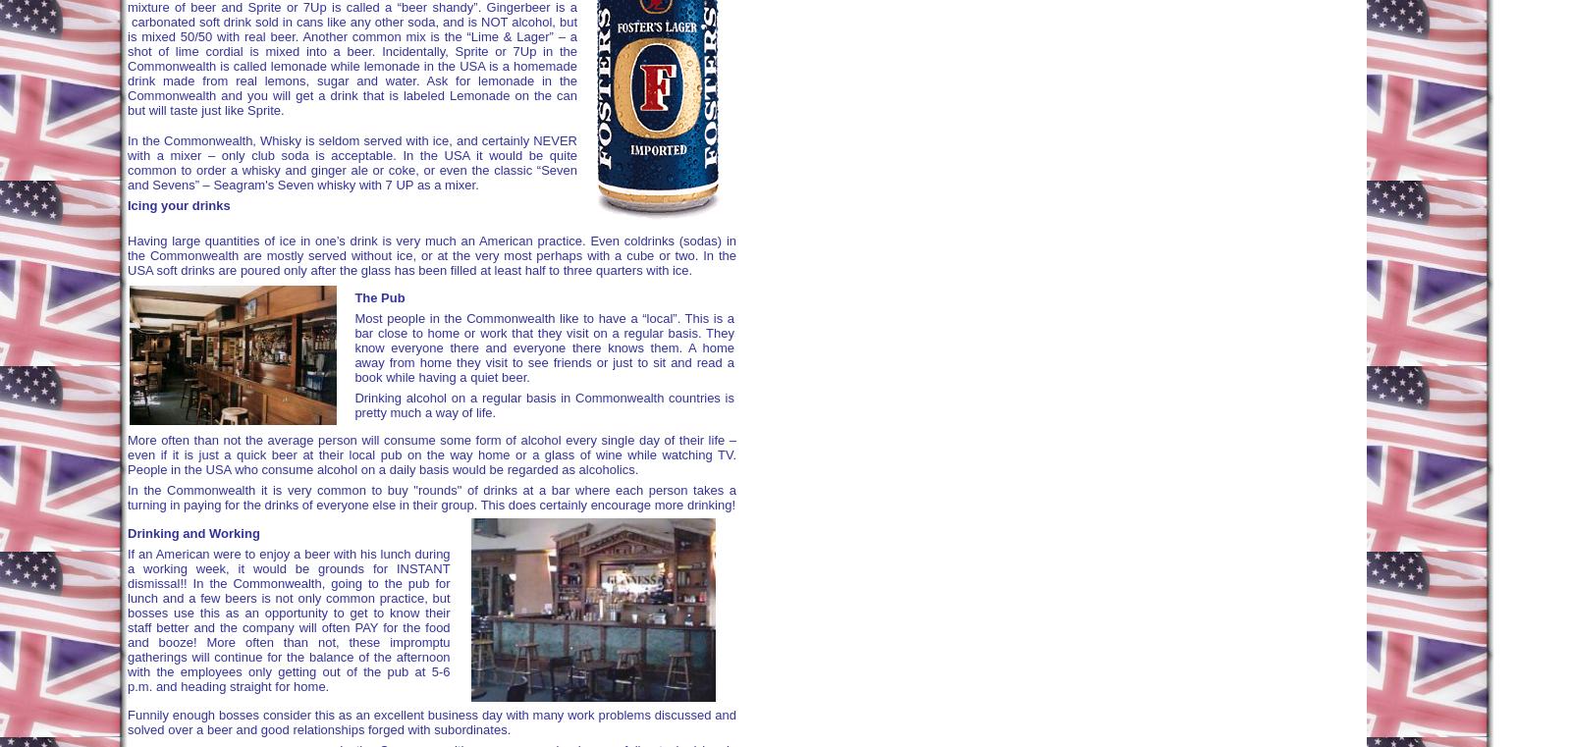 This screenshot has width=1571, height=747. I want to click on 'Funnily
      enough bosses consider this as an excellent business day with many work
      problems discussed and solved over a beer and good relationships forged
      with subordinates.', so click(431, 721).